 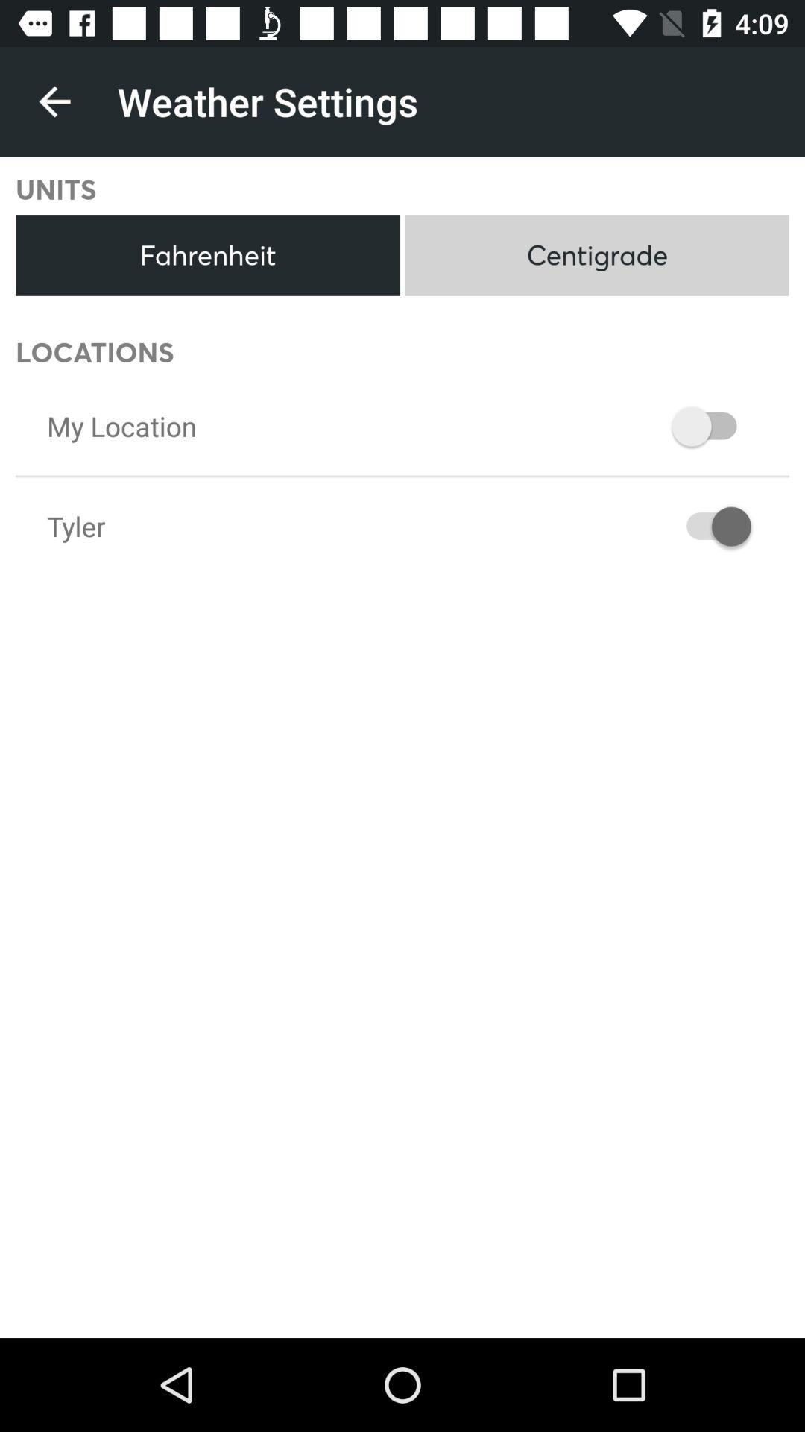 I want to click on the icon next to the centigrade icon, so click(x=207, y=255).